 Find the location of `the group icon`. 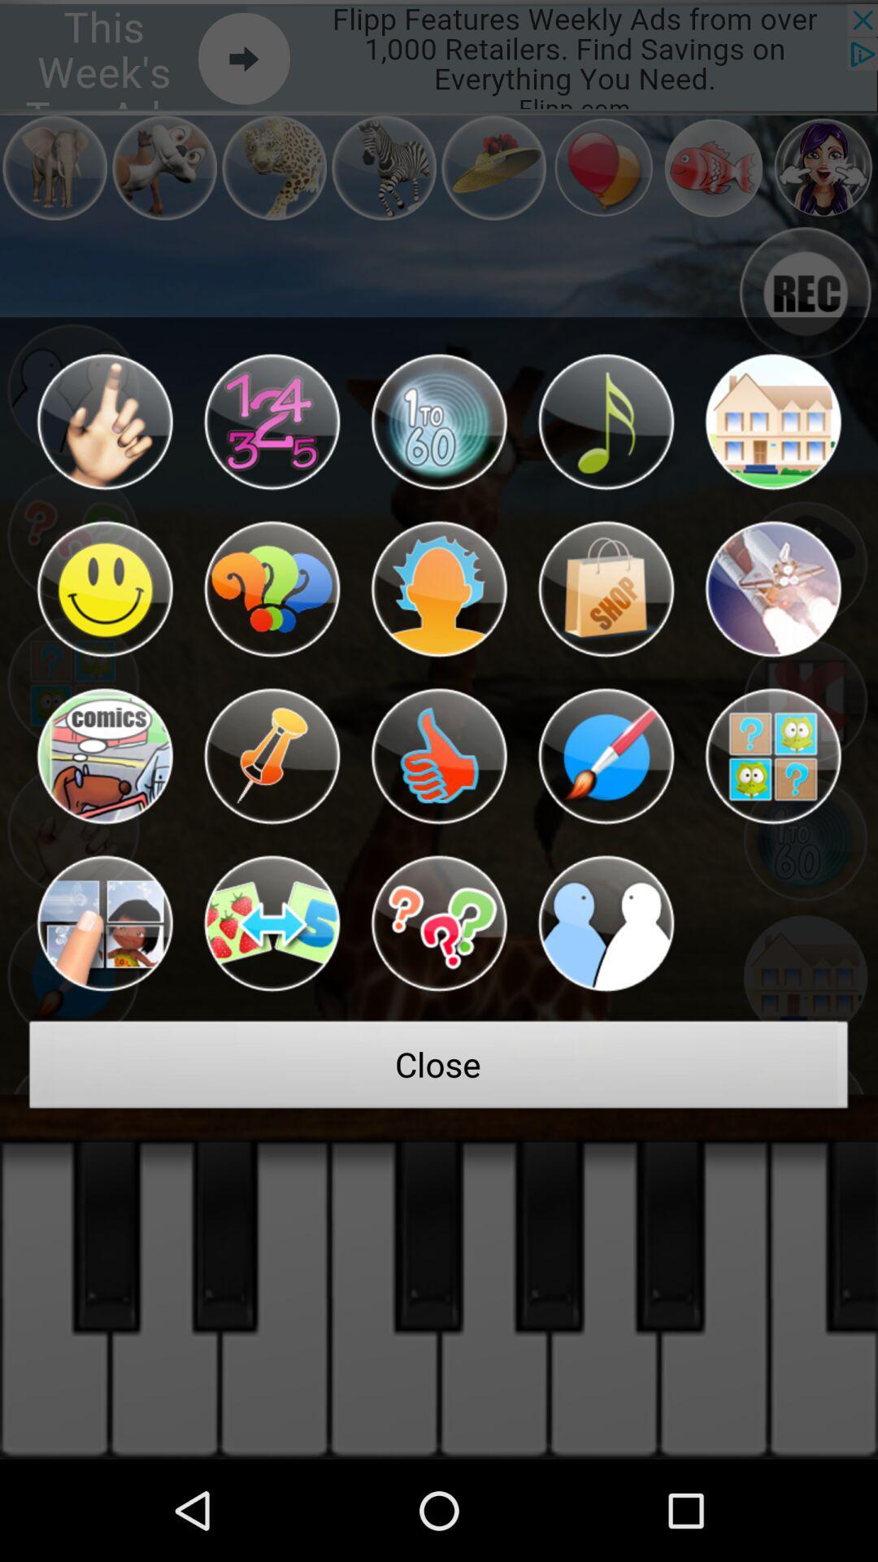

the group icon is located at coordinates (606, 988).